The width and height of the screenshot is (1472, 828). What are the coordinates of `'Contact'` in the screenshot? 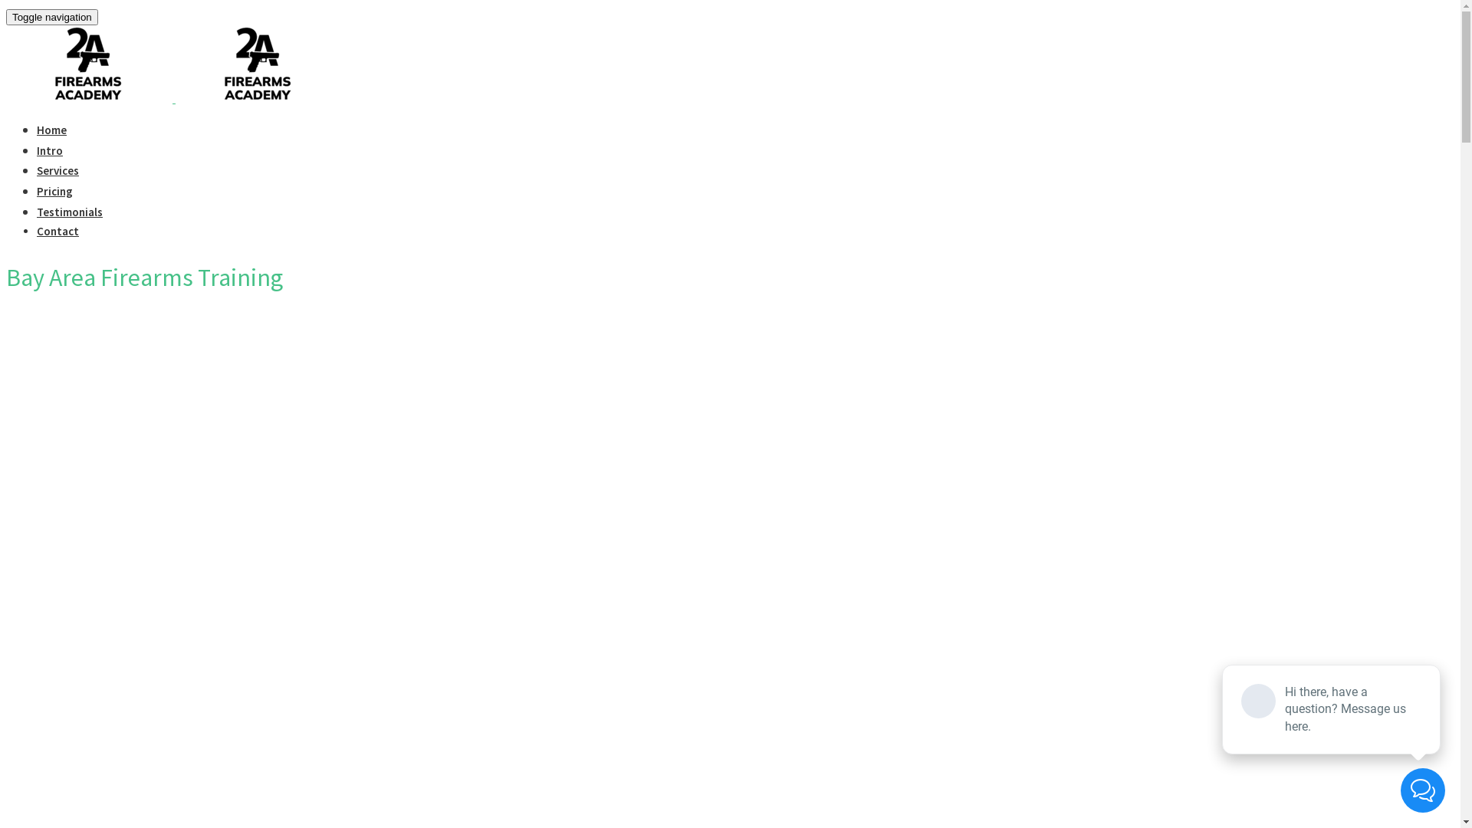 It's located at (58, 231).